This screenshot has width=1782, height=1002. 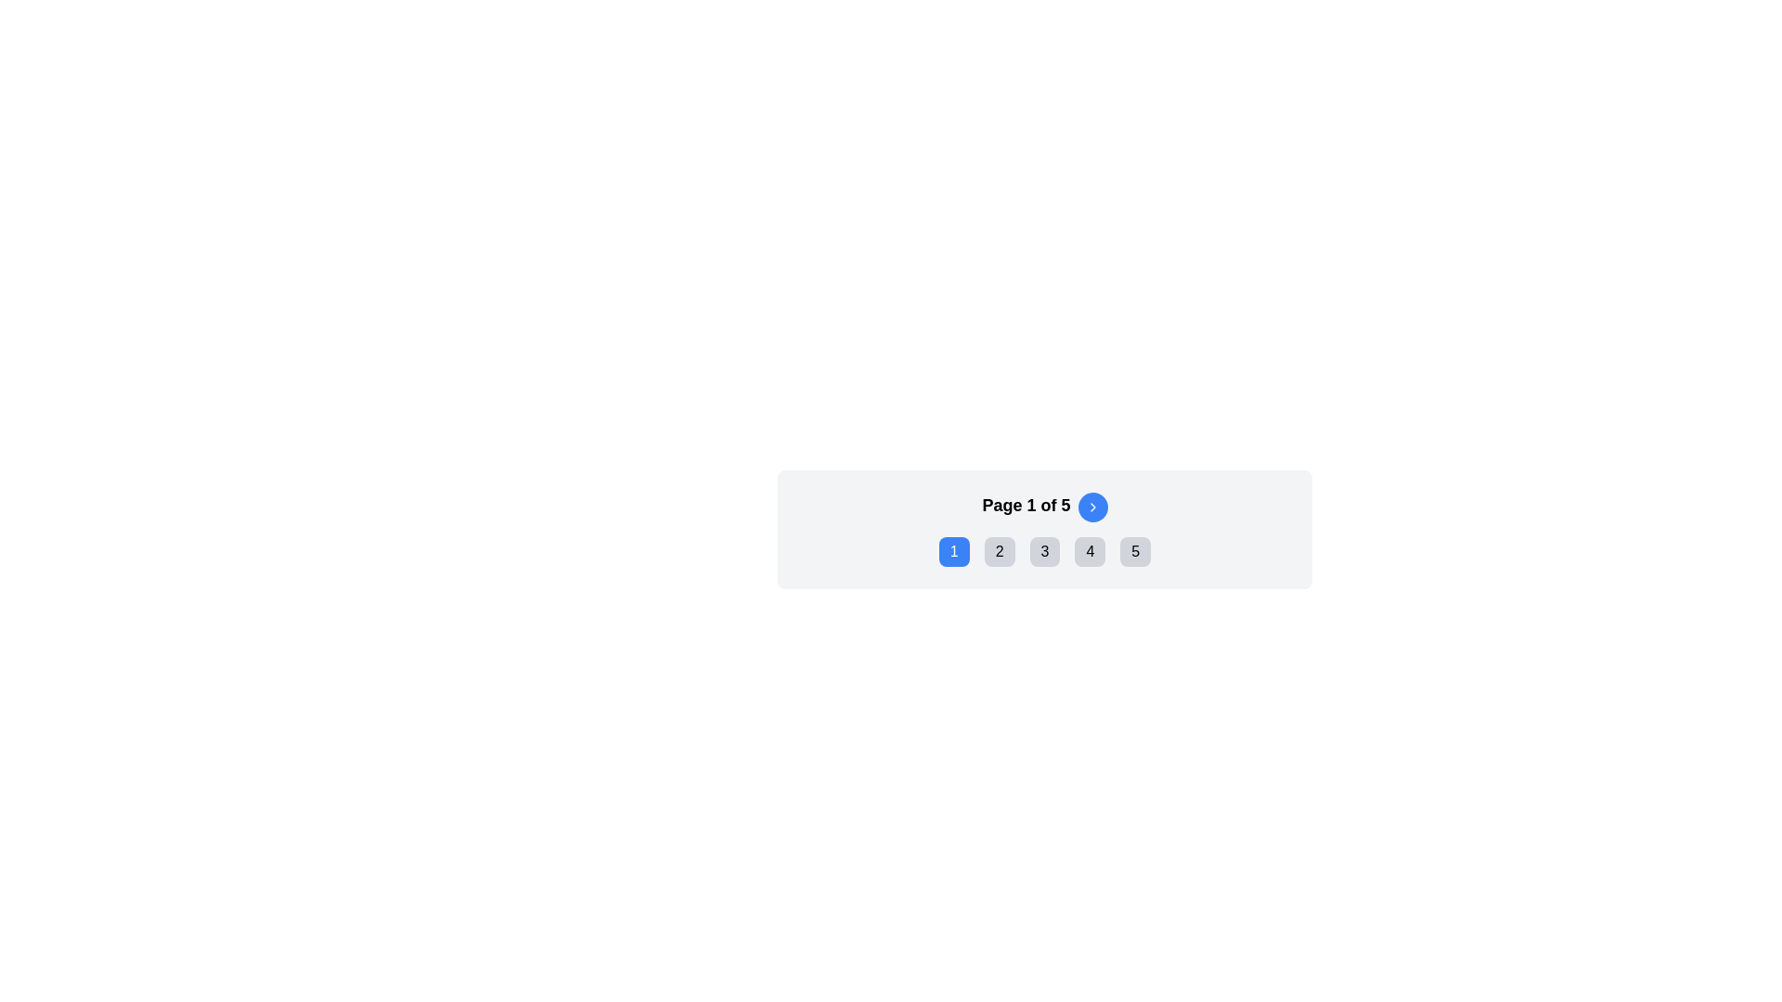 What do you see at coordinates (1092, 507) in the screenshot?
I see `the pagination button located to the right of 'Page 1 of 5' to change its background color` at bounding box center [1092, 507].